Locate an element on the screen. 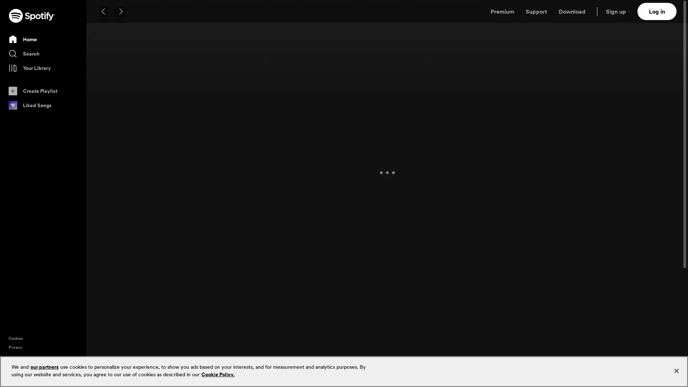  Log in is located at coordinates (657, 11).